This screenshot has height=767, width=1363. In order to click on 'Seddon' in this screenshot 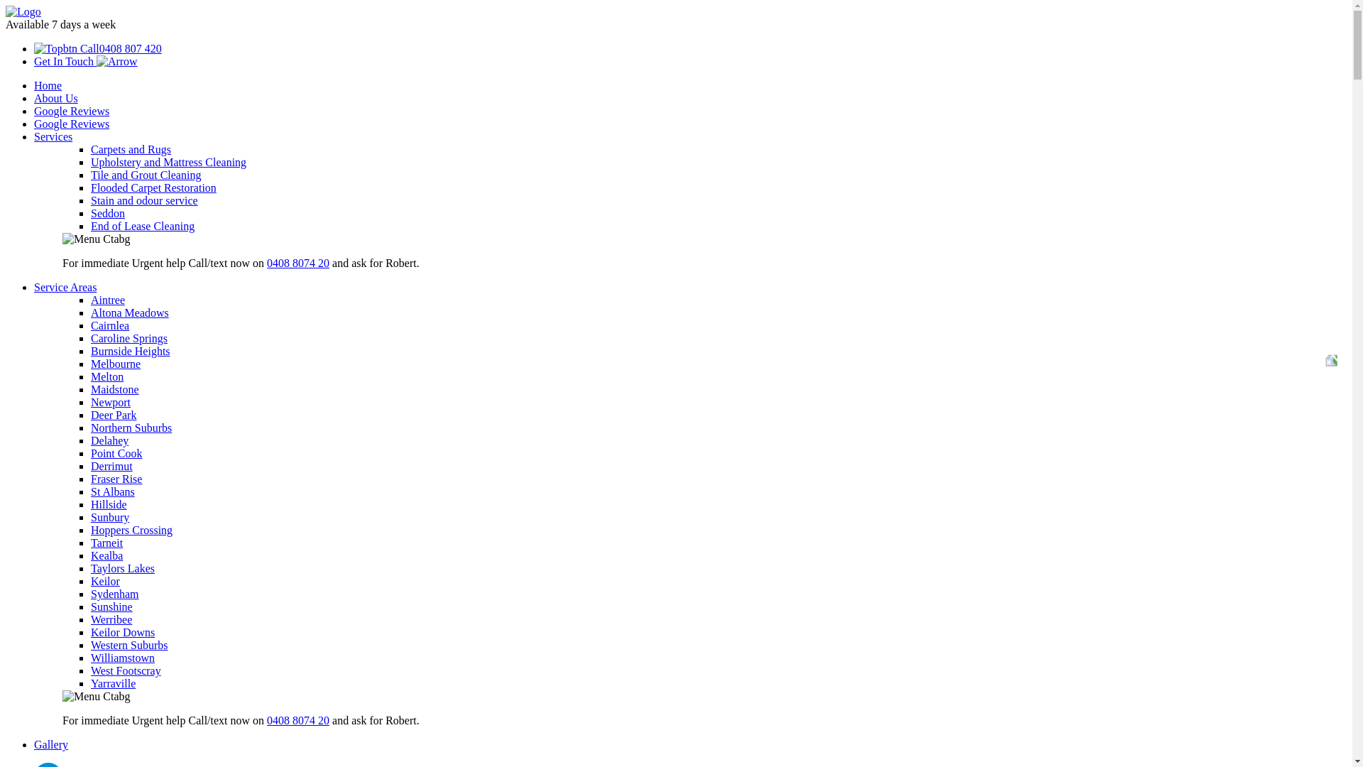, I will do `click(107, 213)`.